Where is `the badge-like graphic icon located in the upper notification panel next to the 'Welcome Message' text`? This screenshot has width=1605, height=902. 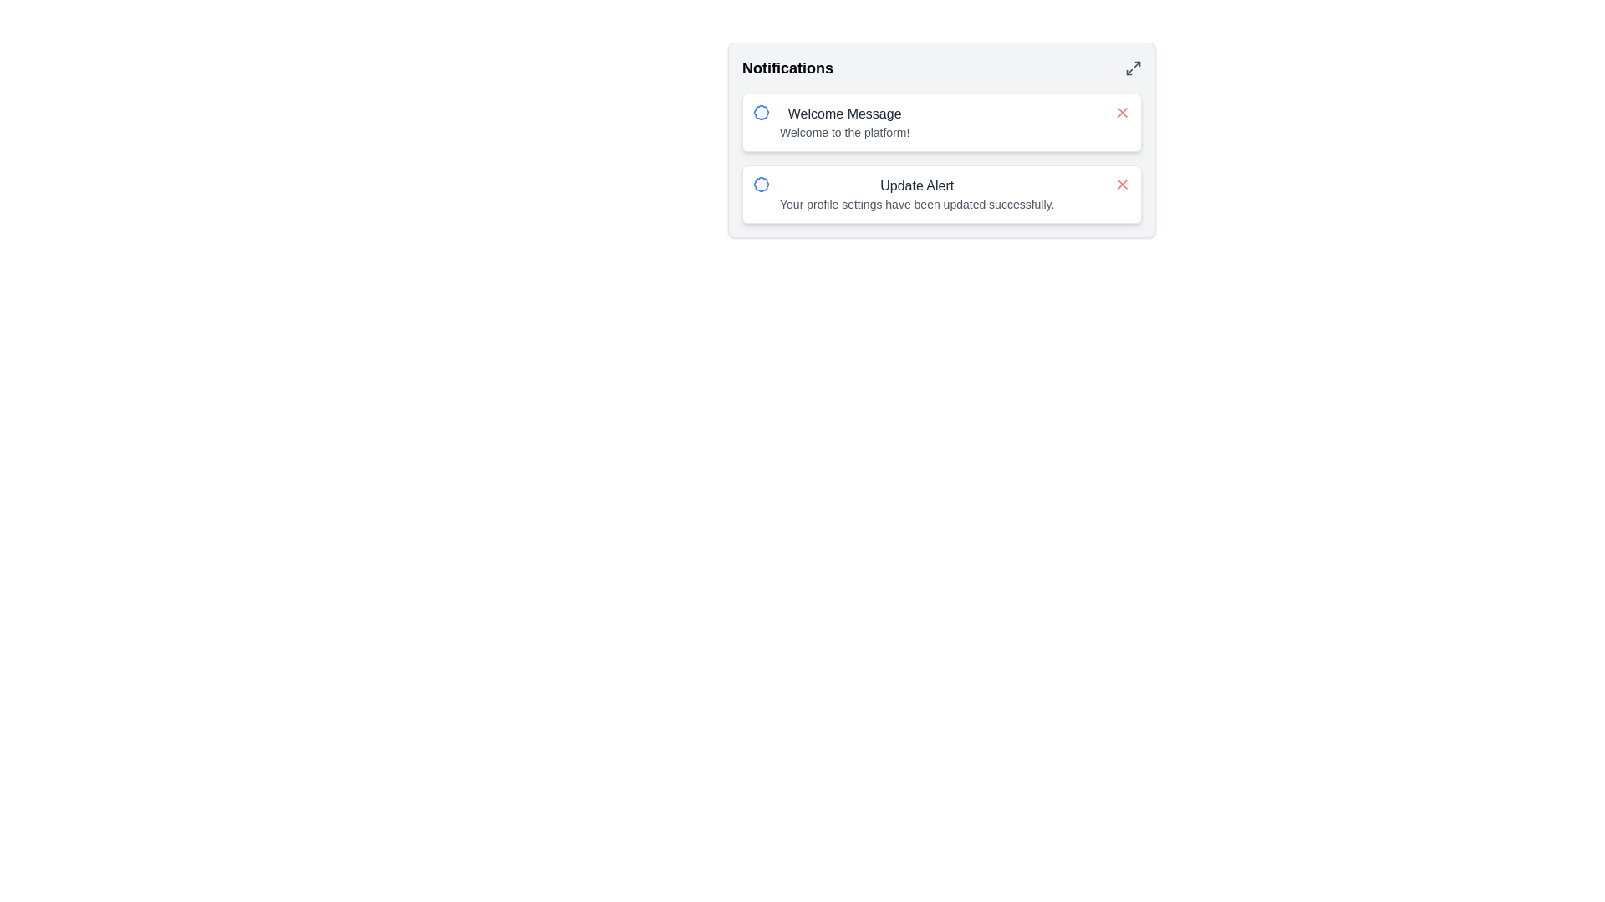
the badge-like graphic icon located in the upper notification panel next to the 'Welcome Message' text is located at coordinates (761, 113).